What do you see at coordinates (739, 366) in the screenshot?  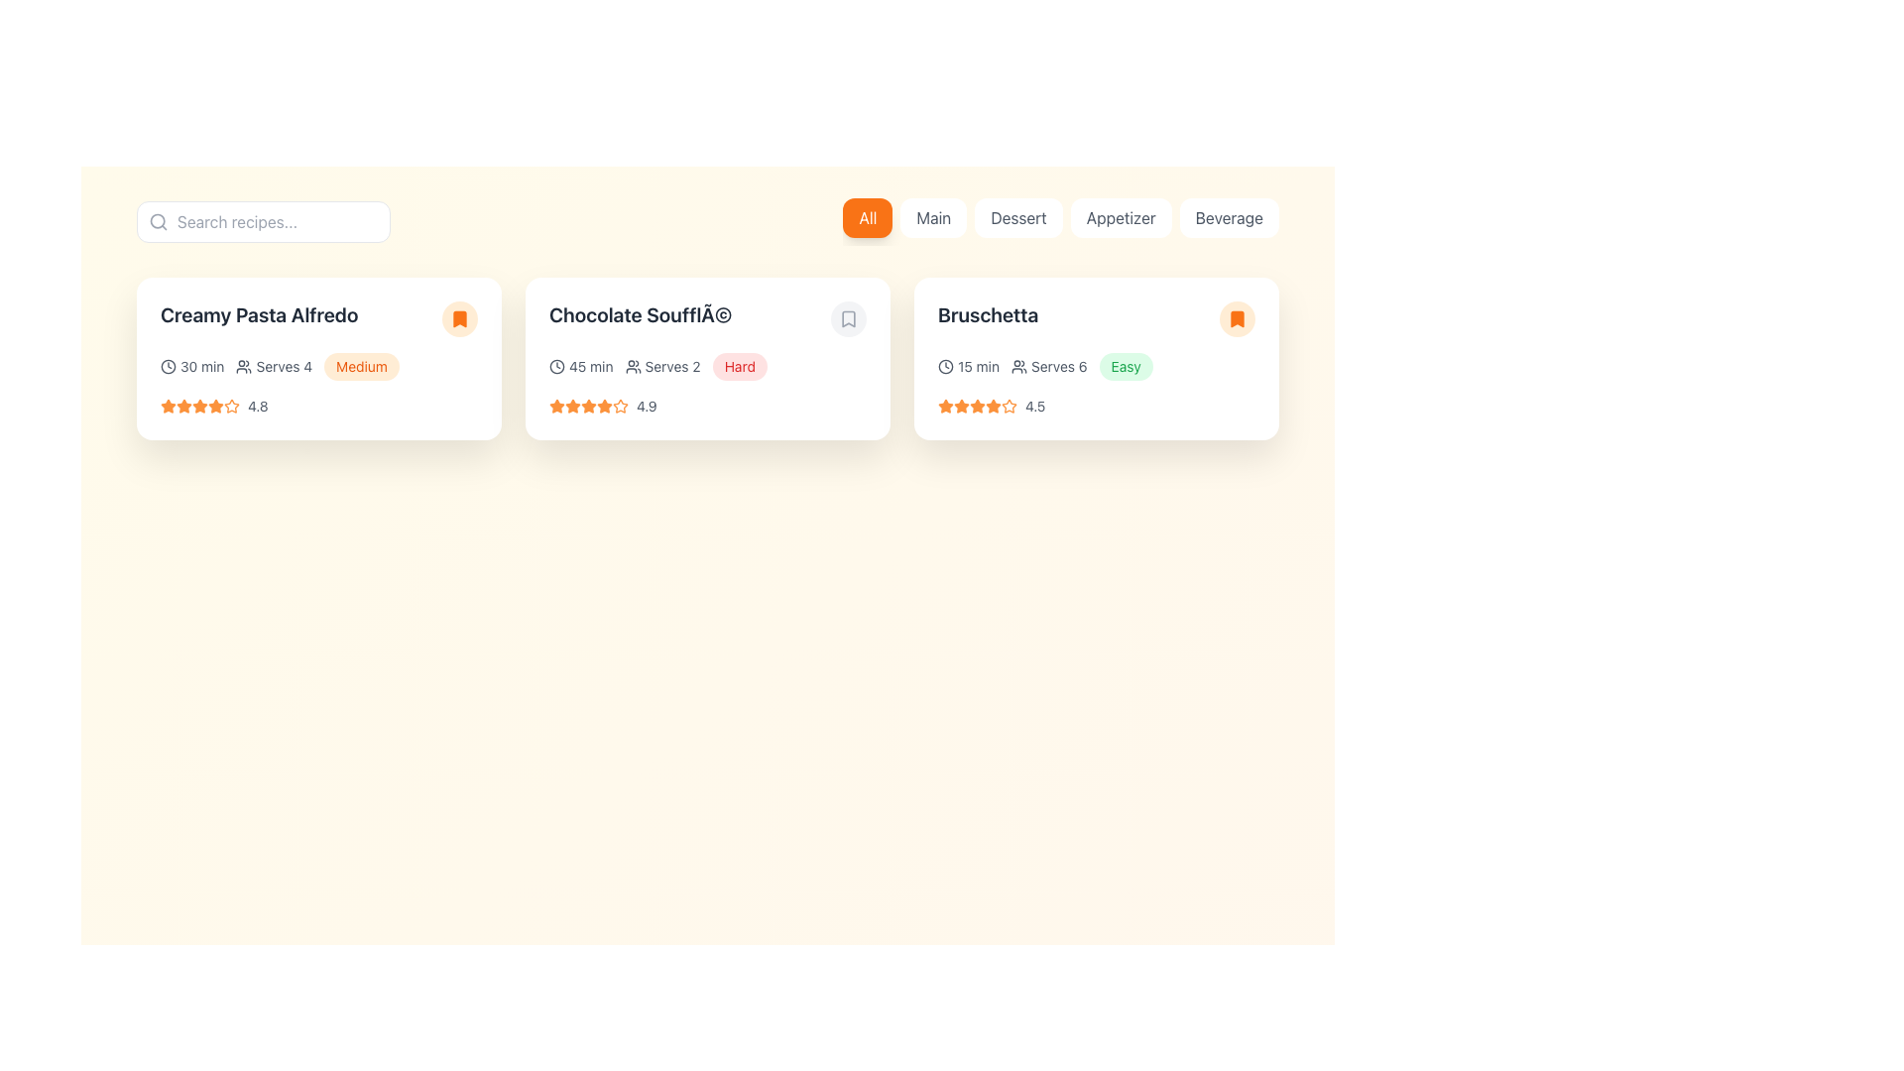 I see `the difficulty level label for the recipe 'Chocolate Soufflé', located in the bottom-middle section of the recipe card` at bounding box center [739, 366].